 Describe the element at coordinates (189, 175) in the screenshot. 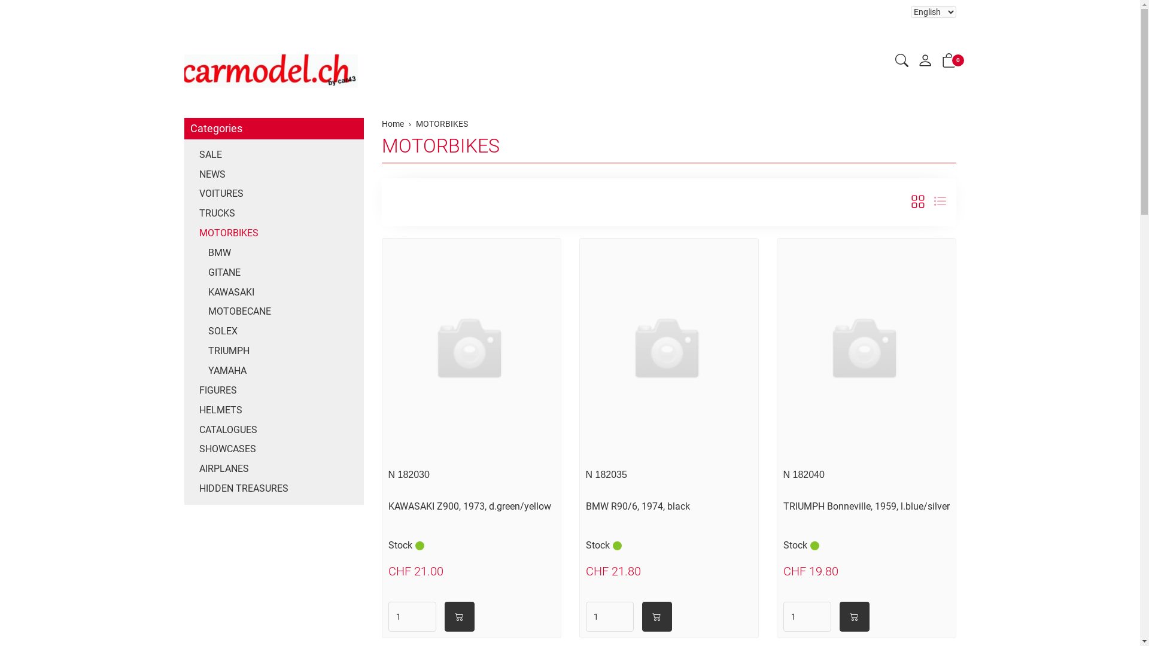

I see `'NEWS'` at that location.